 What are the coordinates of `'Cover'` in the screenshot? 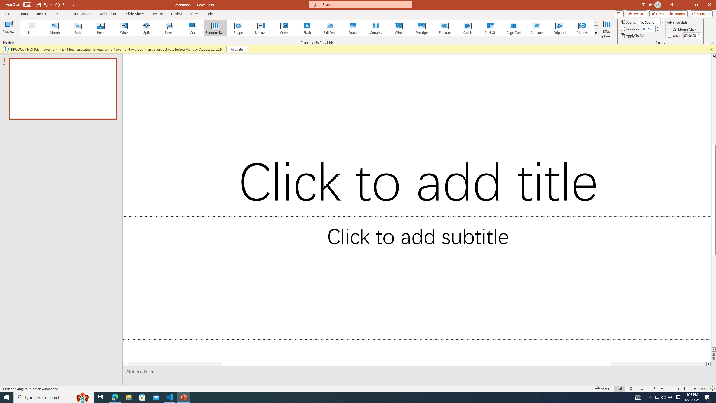 It's located at (284, 28).